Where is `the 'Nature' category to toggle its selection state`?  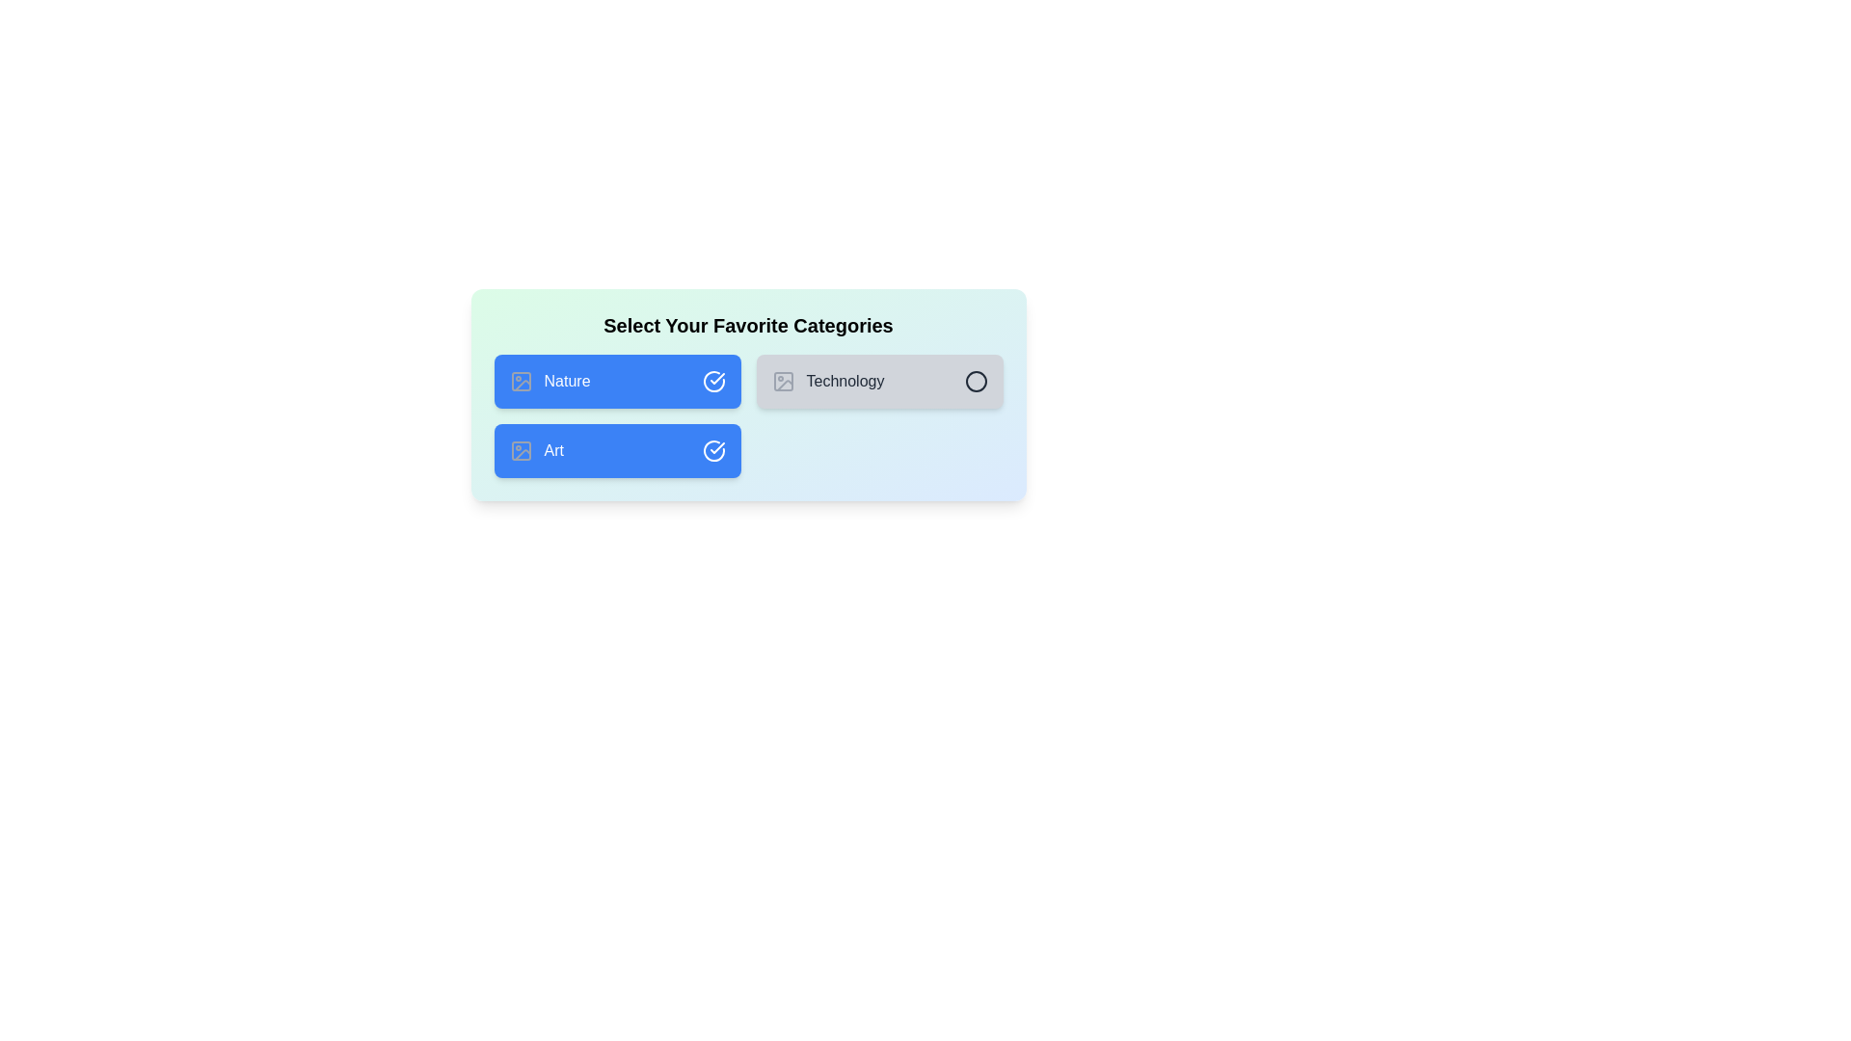
the 'Nature' category to toggle its selection state is located at coordinates (617, 382).